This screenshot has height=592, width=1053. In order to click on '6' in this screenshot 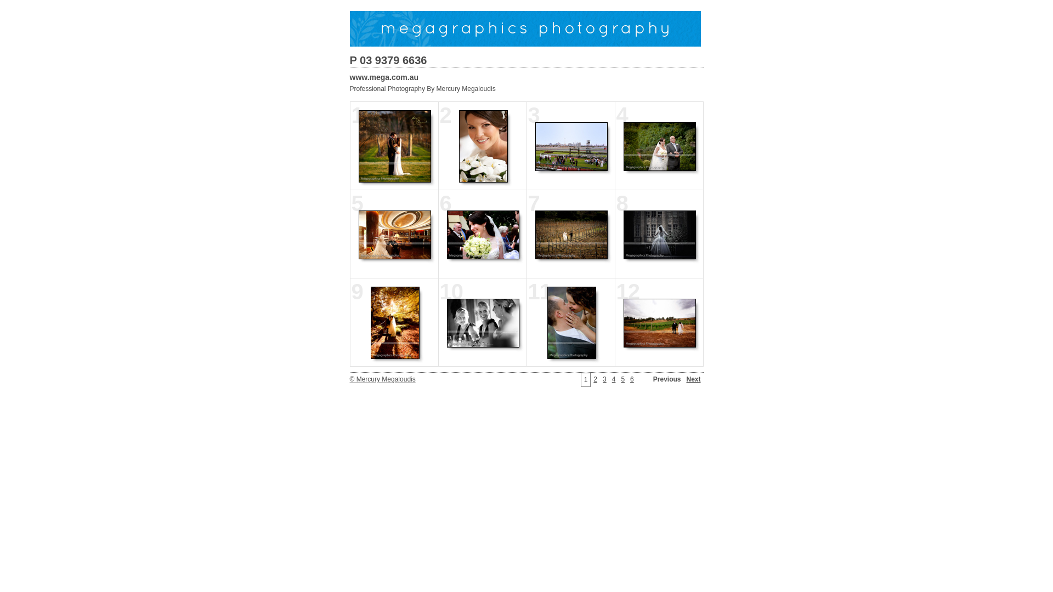, I will do `click(482, 233)`.